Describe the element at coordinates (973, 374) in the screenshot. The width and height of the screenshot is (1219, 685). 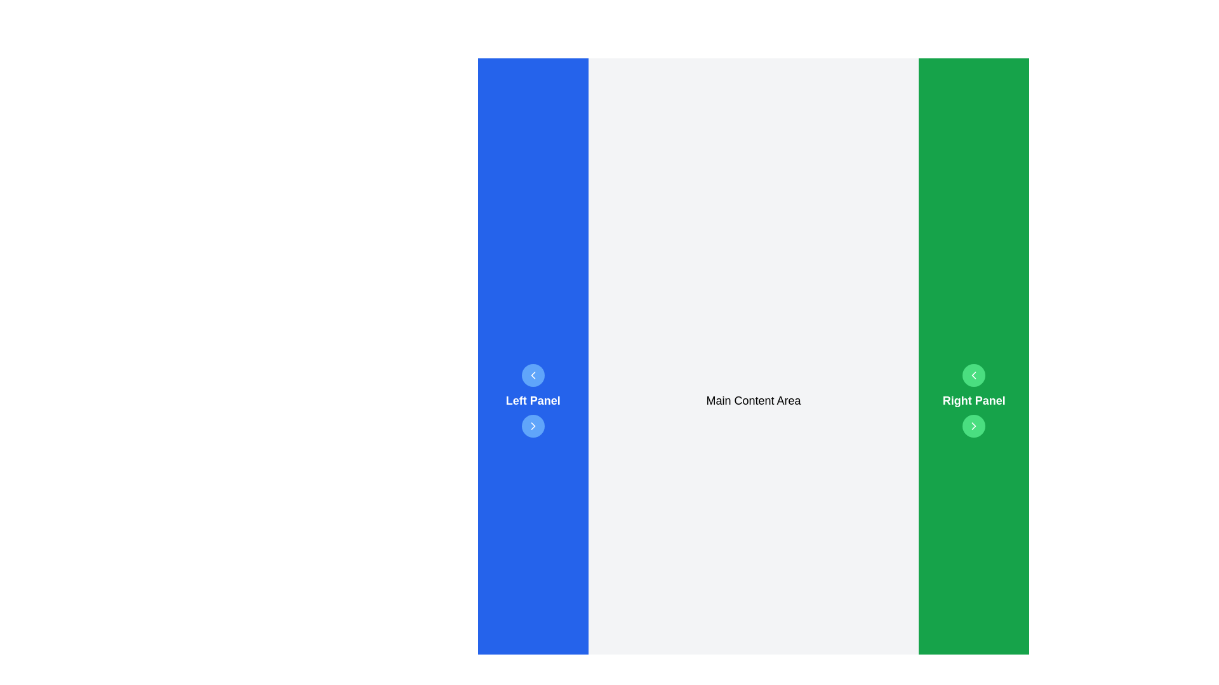
I see `the left-pointing chevron icon located in the right vertical panel, near the upper arrow button under the green background` at that location.